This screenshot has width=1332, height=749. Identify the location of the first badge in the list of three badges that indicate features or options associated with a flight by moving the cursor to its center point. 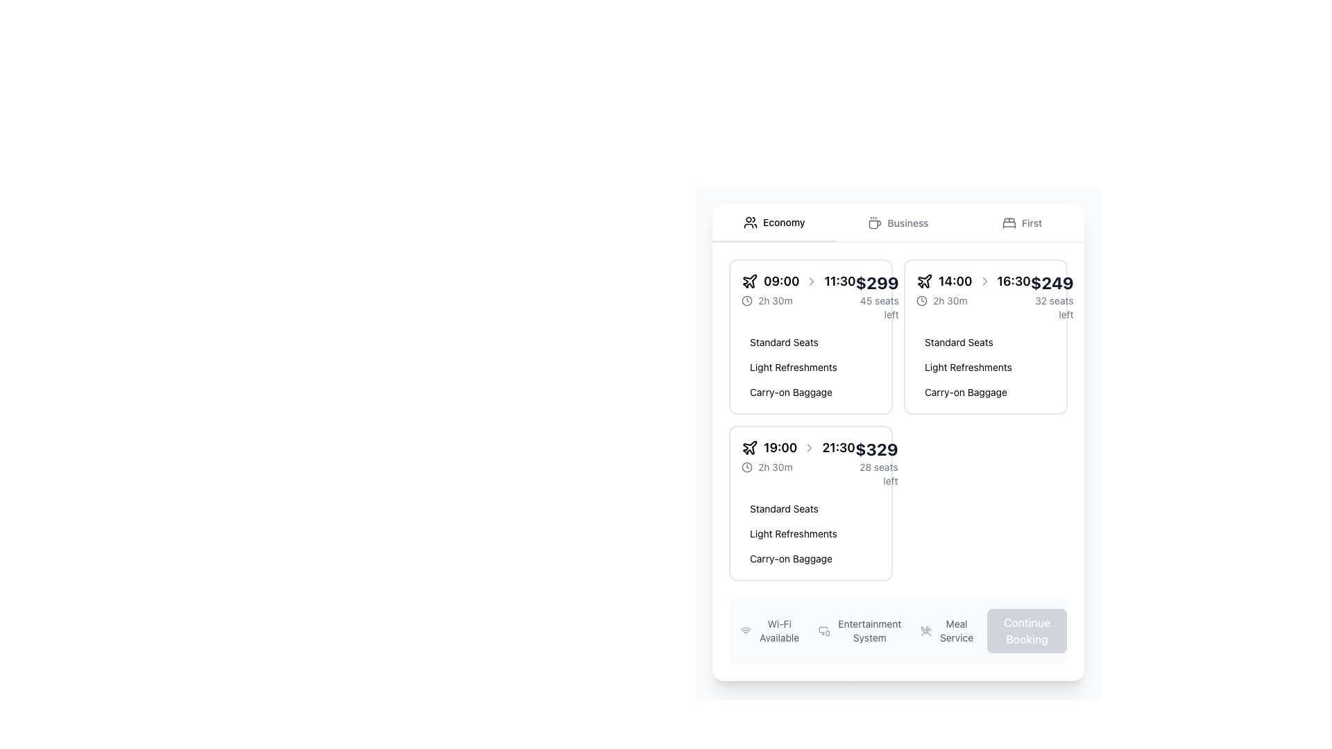
(784, 342).